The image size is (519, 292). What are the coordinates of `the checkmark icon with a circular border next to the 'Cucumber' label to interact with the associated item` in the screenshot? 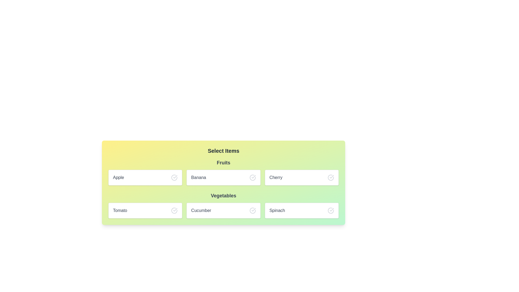 It's located at (253, 209).